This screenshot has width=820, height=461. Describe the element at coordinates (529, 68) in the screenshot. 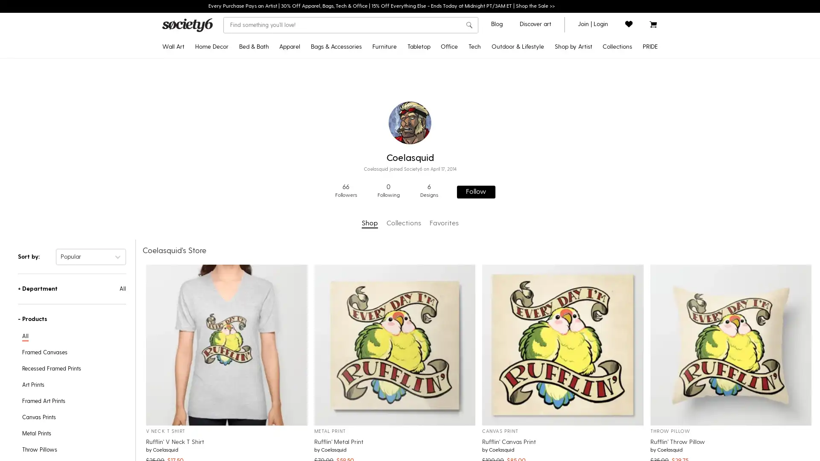

I see `Outdoor RugsNEW` at that location.